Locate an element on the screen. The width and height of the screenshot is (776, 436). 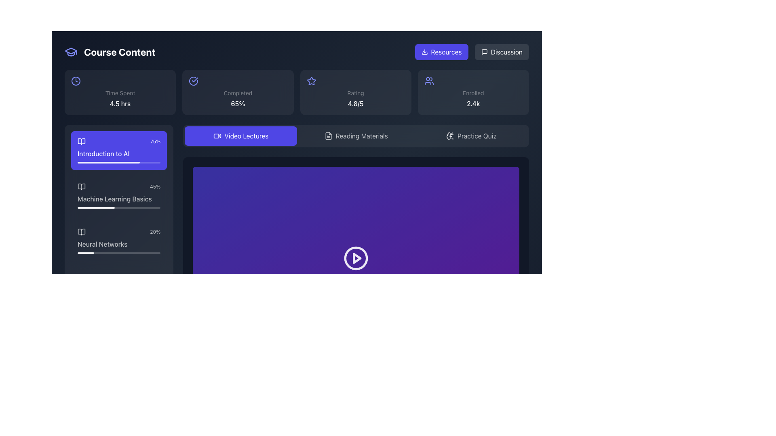
the play button icon, which is represented as a small triangular play button centered within a circular button against a deep purple background, to play the video is located at coordinates (356, 258).